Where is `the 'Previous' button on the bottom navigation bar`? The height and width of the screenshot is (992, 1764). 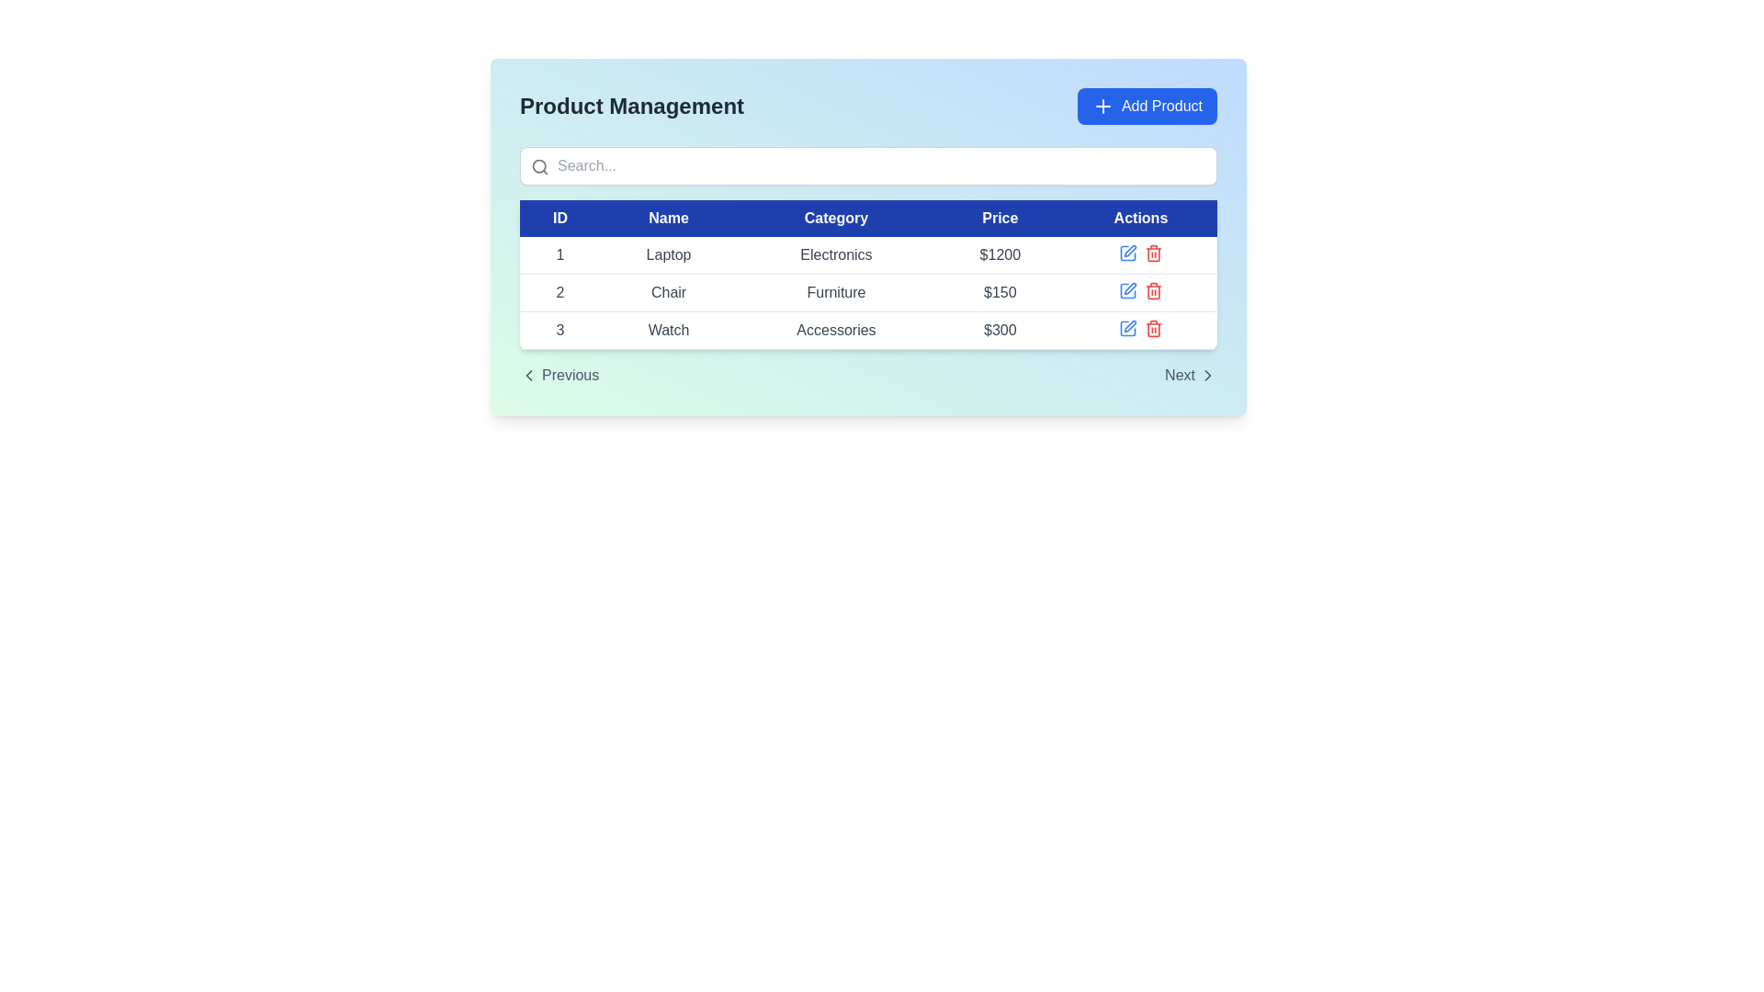 the 'Previous' button on the bottom navigation bar is located at coordinates (867, 374).